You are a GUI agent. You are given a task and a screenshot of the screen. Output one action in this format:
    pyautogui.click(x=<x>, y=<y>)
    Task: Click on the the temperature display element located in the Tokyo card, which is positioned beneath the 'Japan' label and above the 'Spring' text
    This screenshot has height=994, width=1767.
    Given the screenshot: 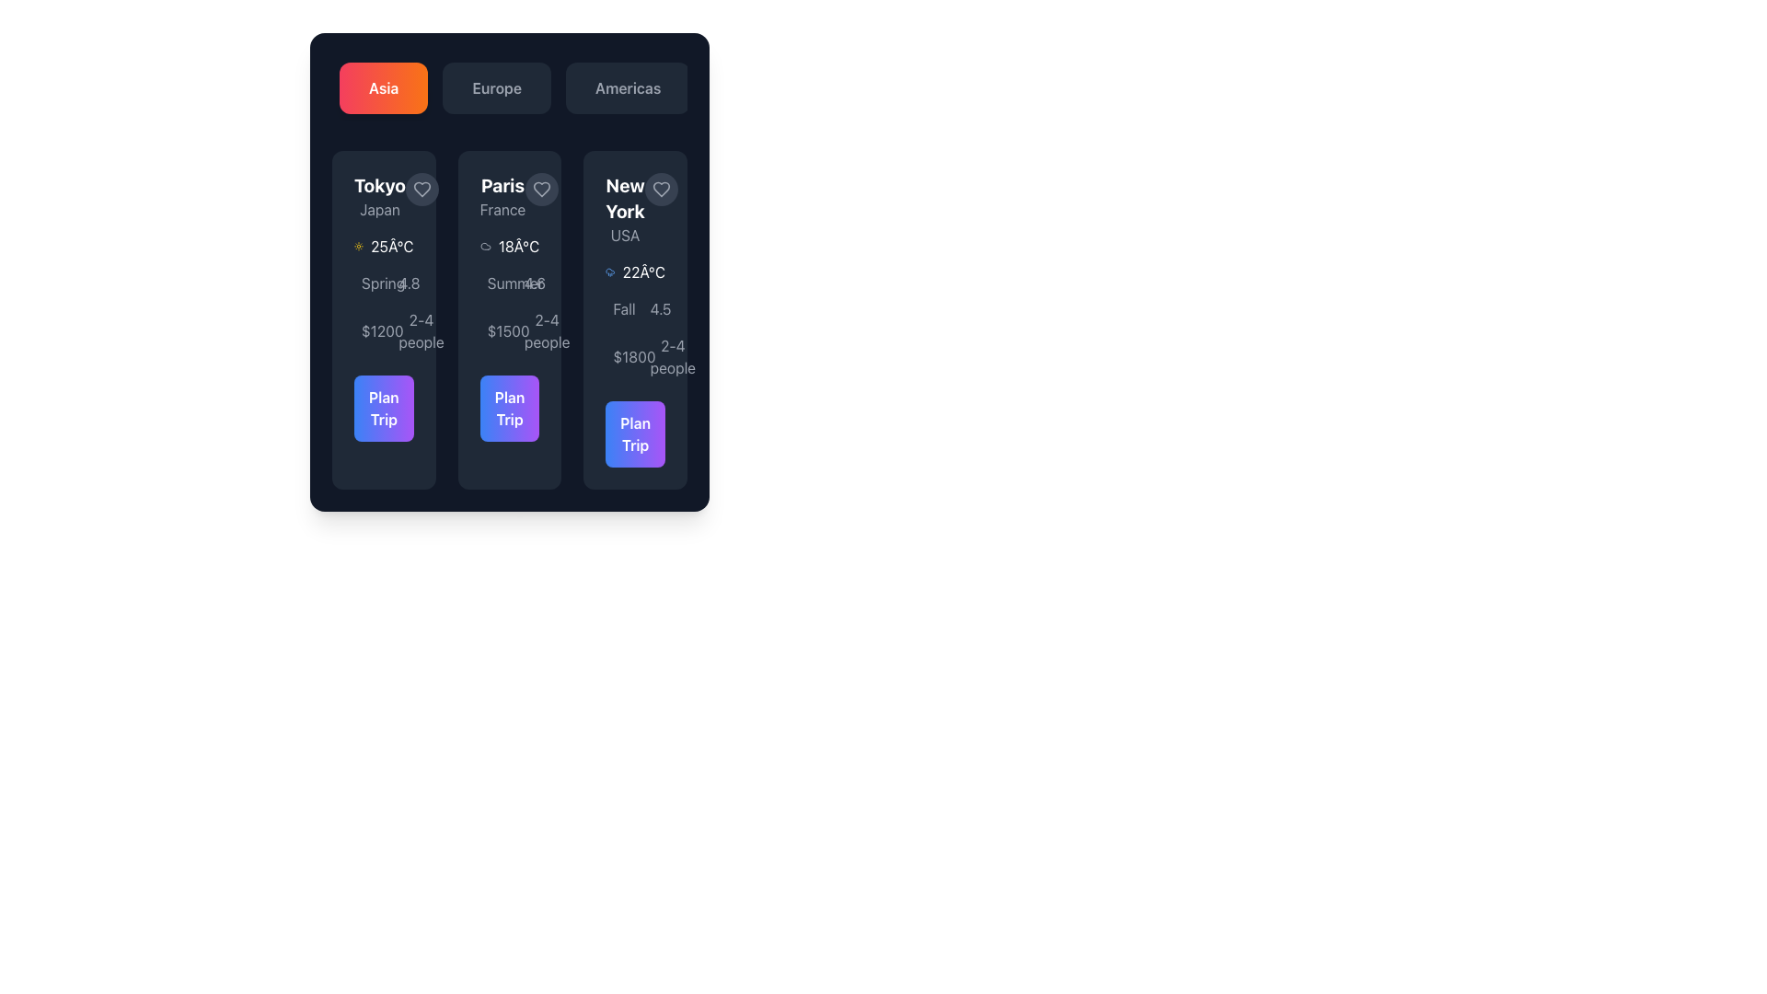 What is the action you would take?
    pyautogui.click(x=383, y=245)
    